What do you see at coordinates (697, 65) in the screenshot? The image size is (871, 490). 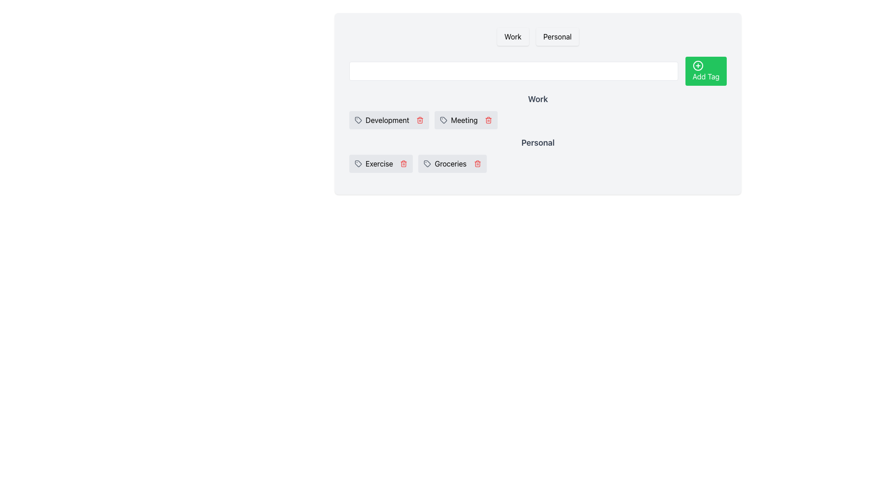 I see `the 'Add Tag' button, which is represented by a circular green icon with a white stroke at its border, located at the center of the button` at bounding box center [697, 65].